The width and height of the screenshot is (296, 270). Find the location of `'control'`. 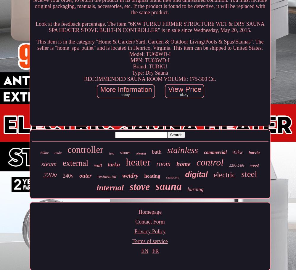

'control' is located at coordinates (196, 162).